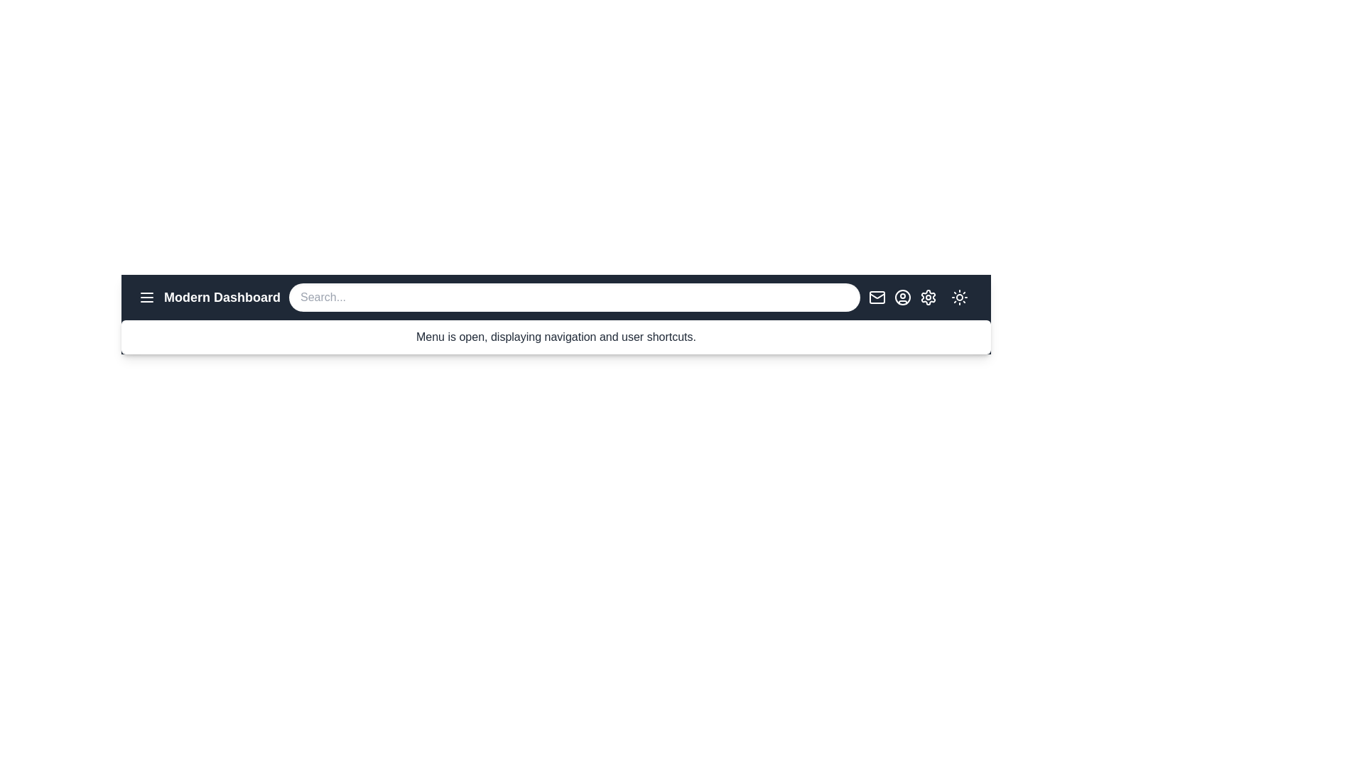 The image size is (1364, 767). What do you see at coordinates (902, 297) in the screenshot?
I see `the user icon to open the user profile options` at bounding box center [902, 297].